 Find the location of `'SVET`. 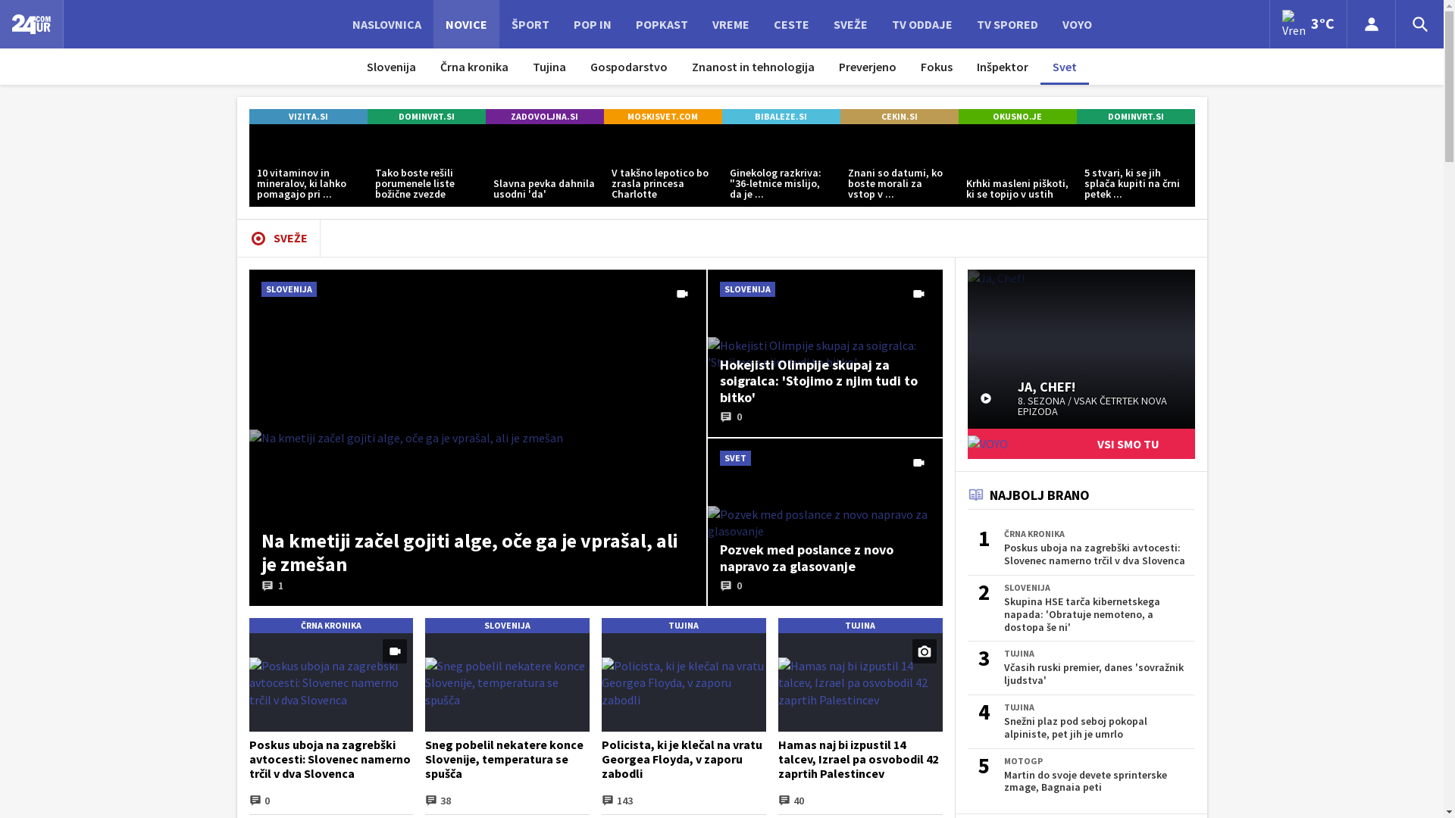

'SVET is located at coordinates (824, 521).